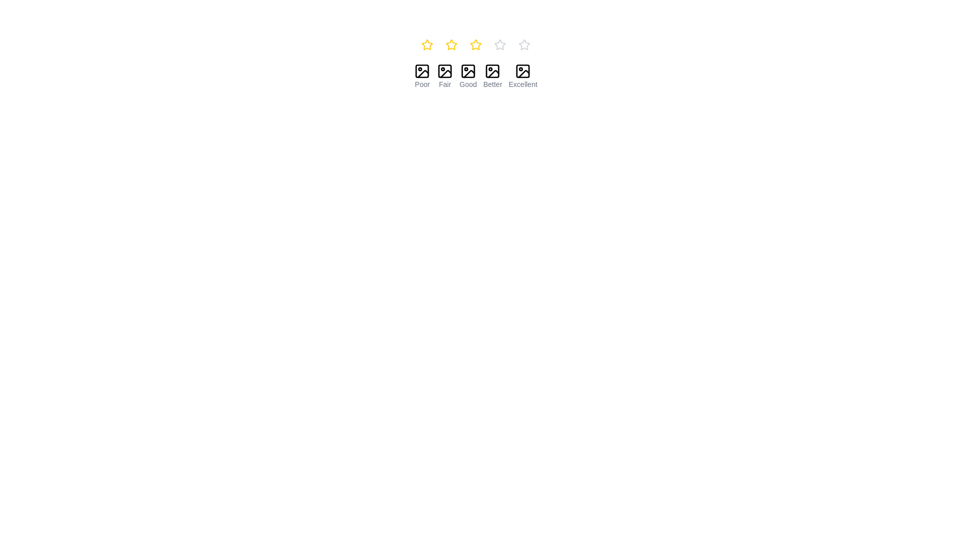 The height and width of the screenshot is (546, 972). Describe the element at coordinates (467, 71) in the screenshot. I see `the third icon in the horizontal sequence of rating icons, located directly below the text 'Good'` at that location.